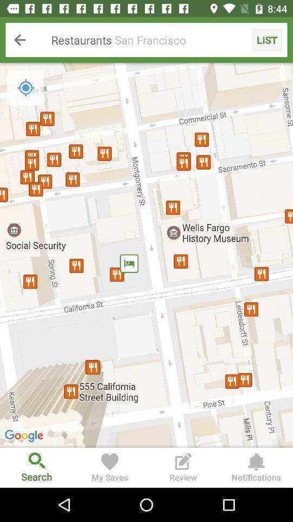 The image size is (293, 522). I want to click on item below restaurants san francisco, so click(146, 255).